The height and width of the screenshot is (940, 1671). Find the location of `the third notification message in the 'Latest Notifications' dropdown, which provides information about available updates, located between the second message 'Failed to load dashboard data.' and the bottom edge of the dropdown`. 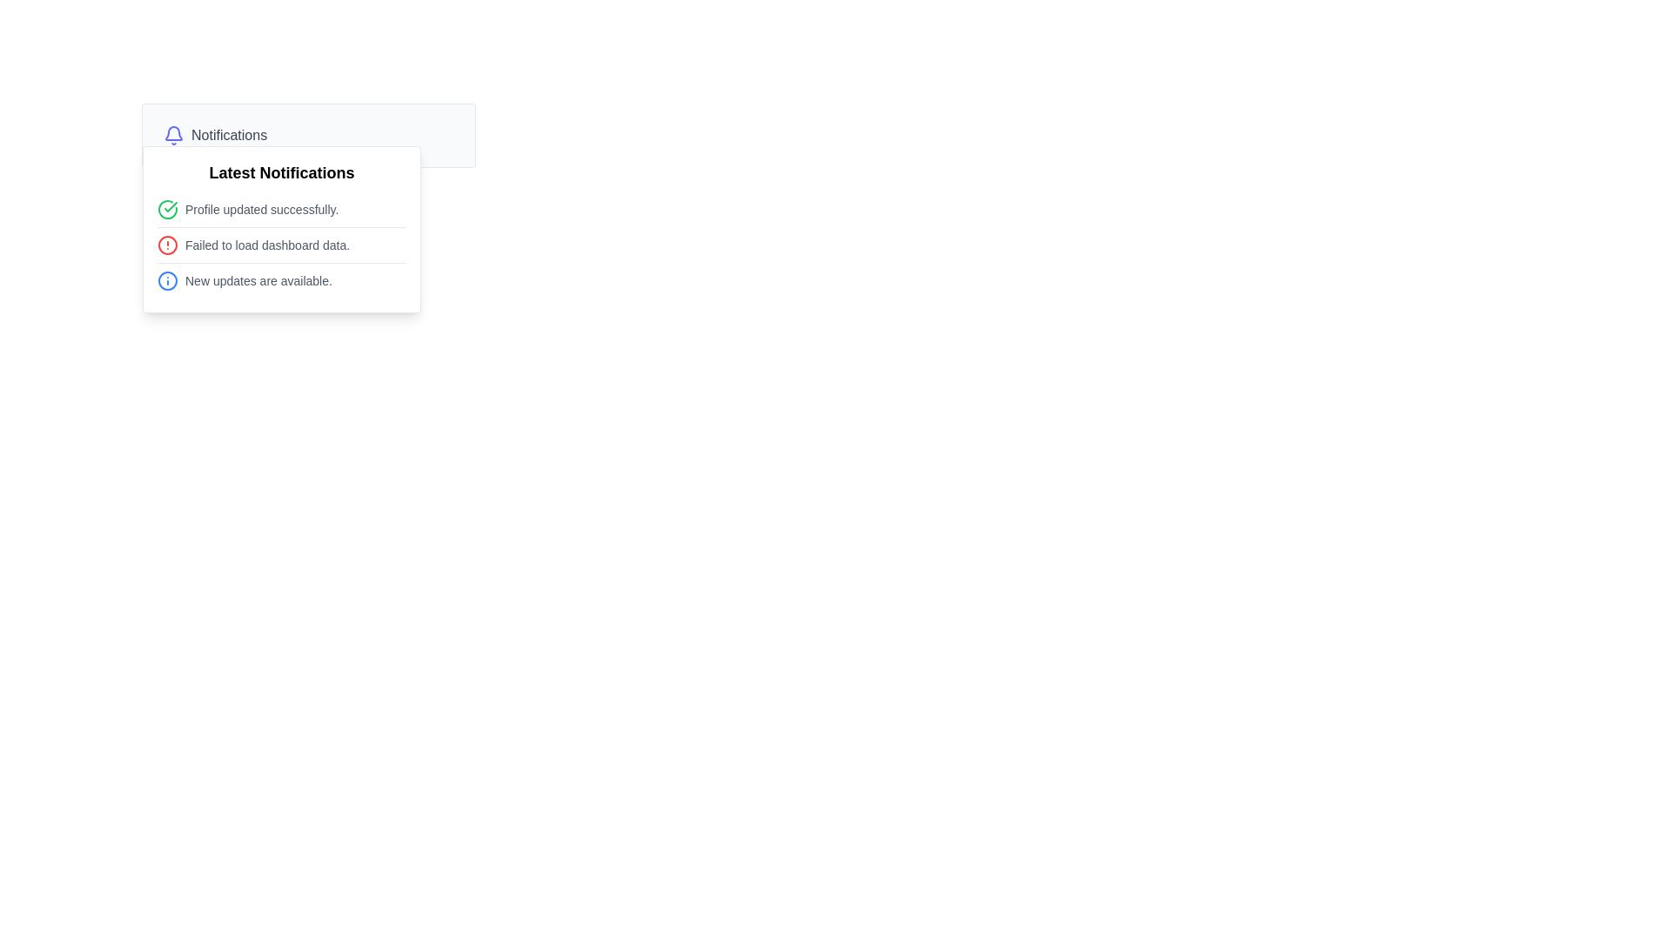

the third notification message in the 'Latest Notifications' dropdown, which provides information about available updates, located between the second message 'Failed to load dashboard data.' and the bottom edge of the dropdown is located at coordinates (258, 280).